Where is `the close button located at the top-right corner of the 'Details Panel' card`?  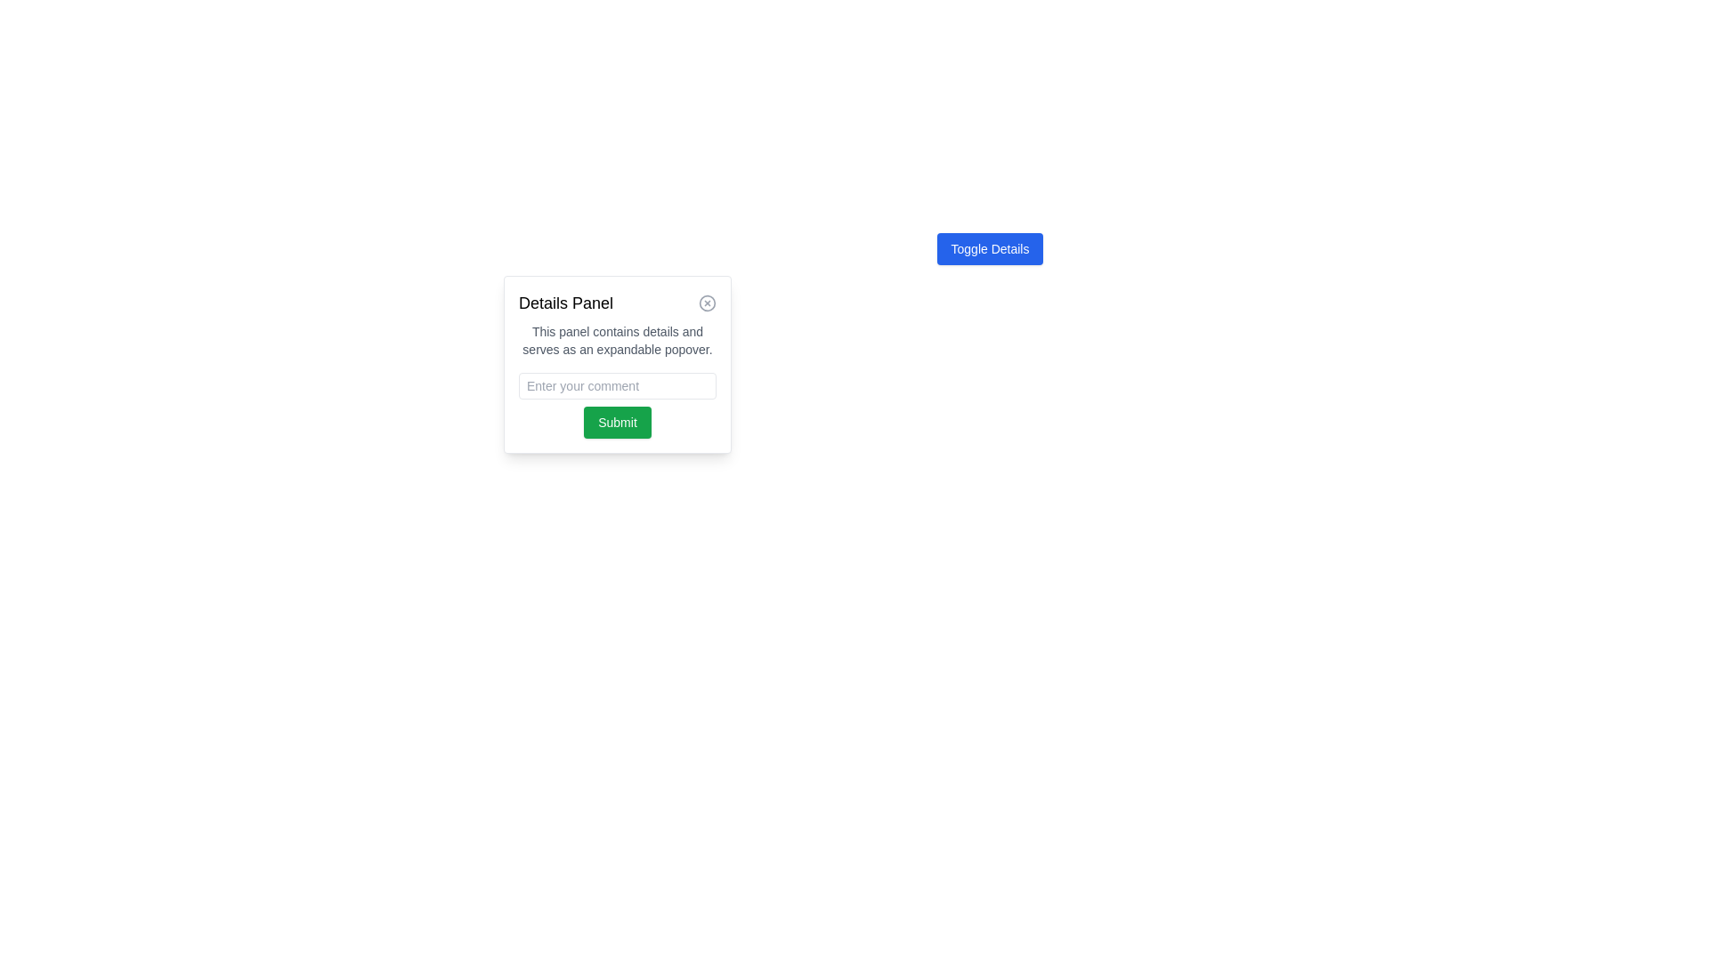 the close button located at the top-right corner of the 'Details Panel' card is located at coordinates (707, 302).